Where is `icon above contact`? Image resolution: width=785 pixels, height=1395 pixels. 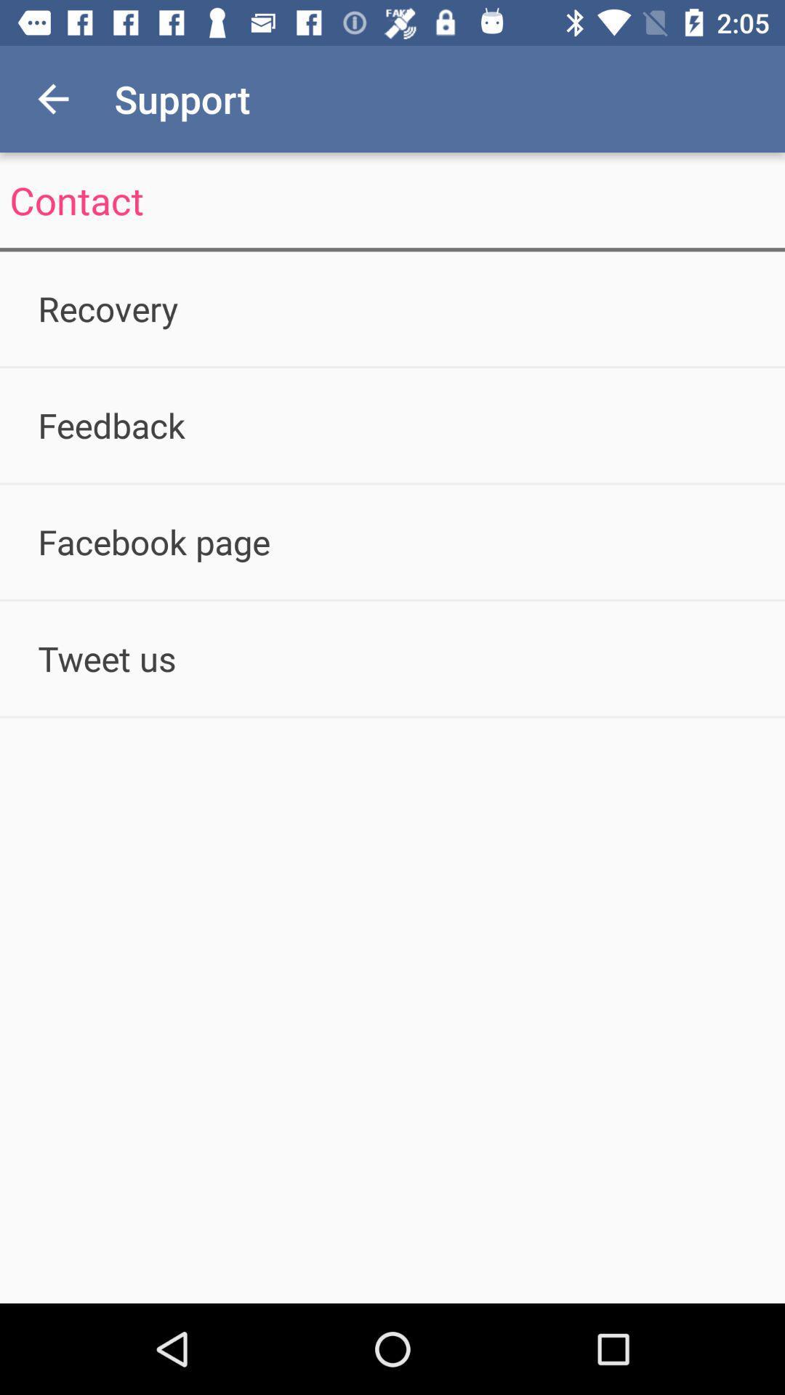
icon above contact is located at coordinates (52, 98).